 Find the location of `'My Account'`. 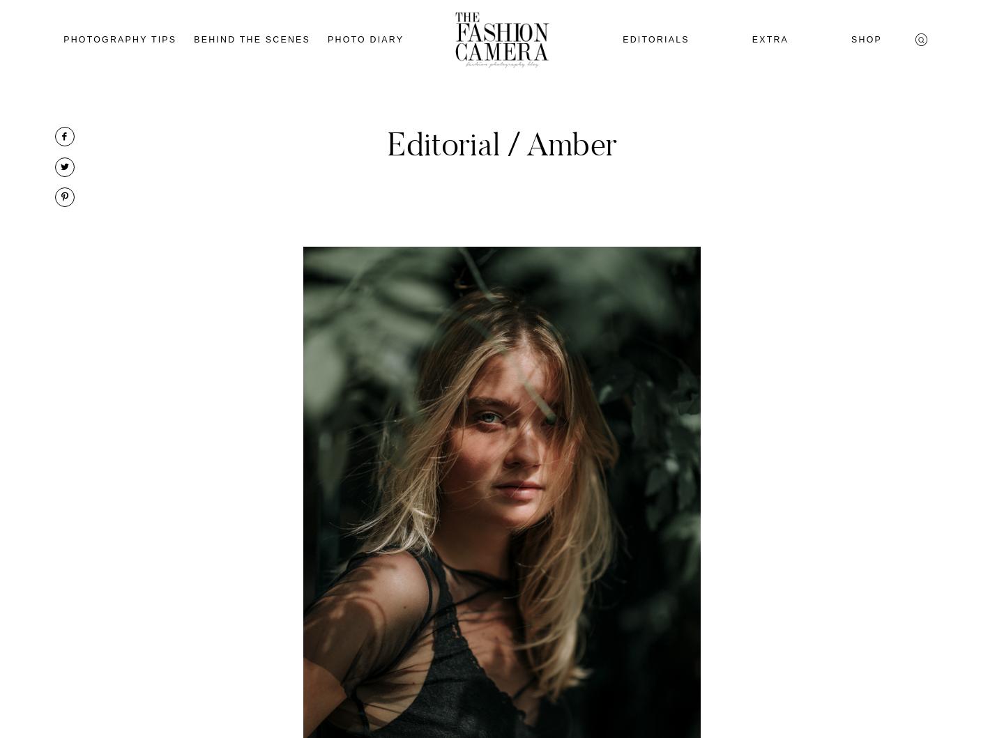

'My Account' is located at coordinates (883, 229).